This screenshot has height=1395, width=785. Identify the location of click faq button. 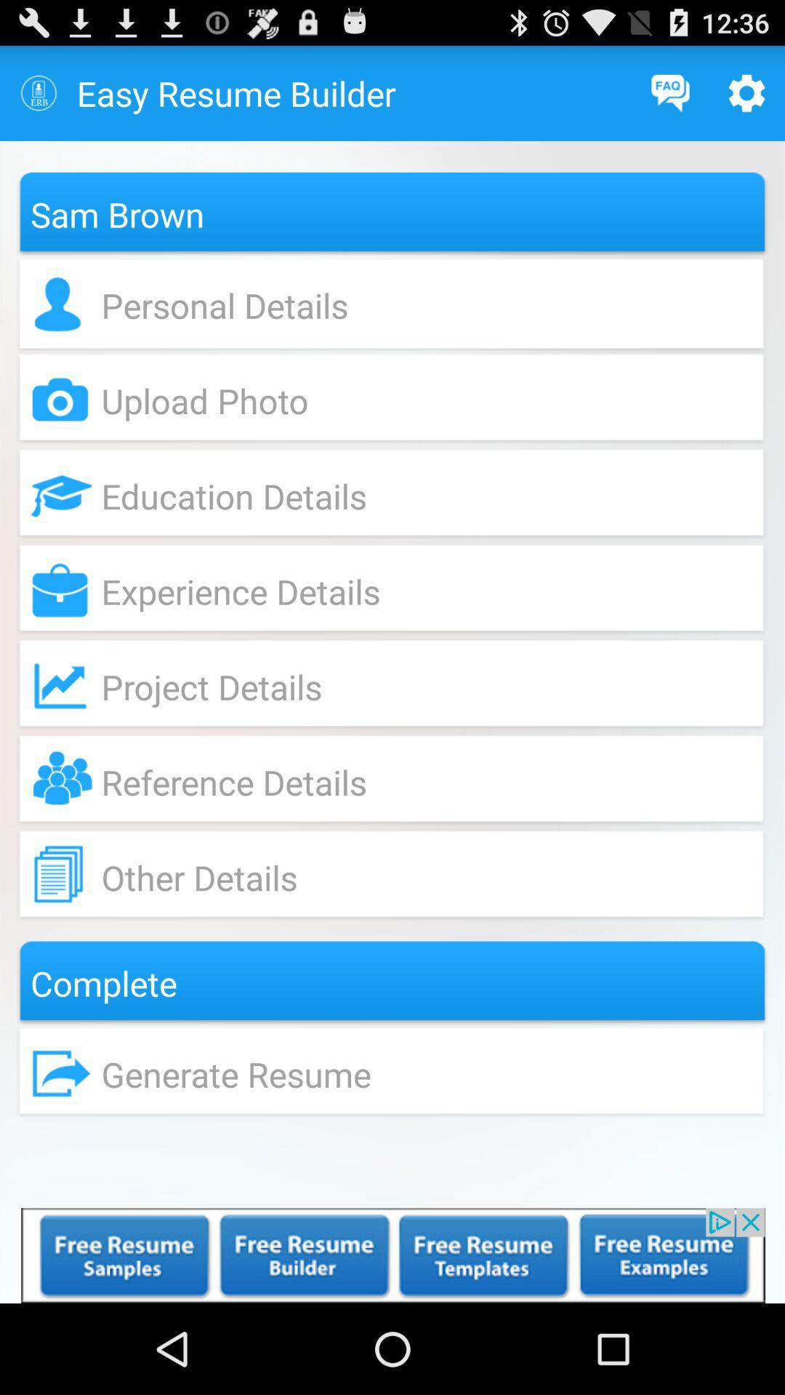
(670, 92).